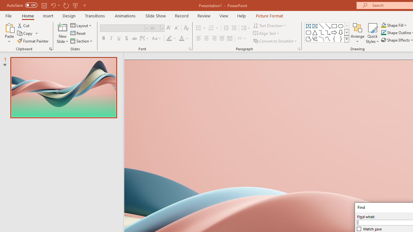 The image size is (413, 232). I want to click on 'Shape Fill Orange, Accent 2', so click(384, 25).